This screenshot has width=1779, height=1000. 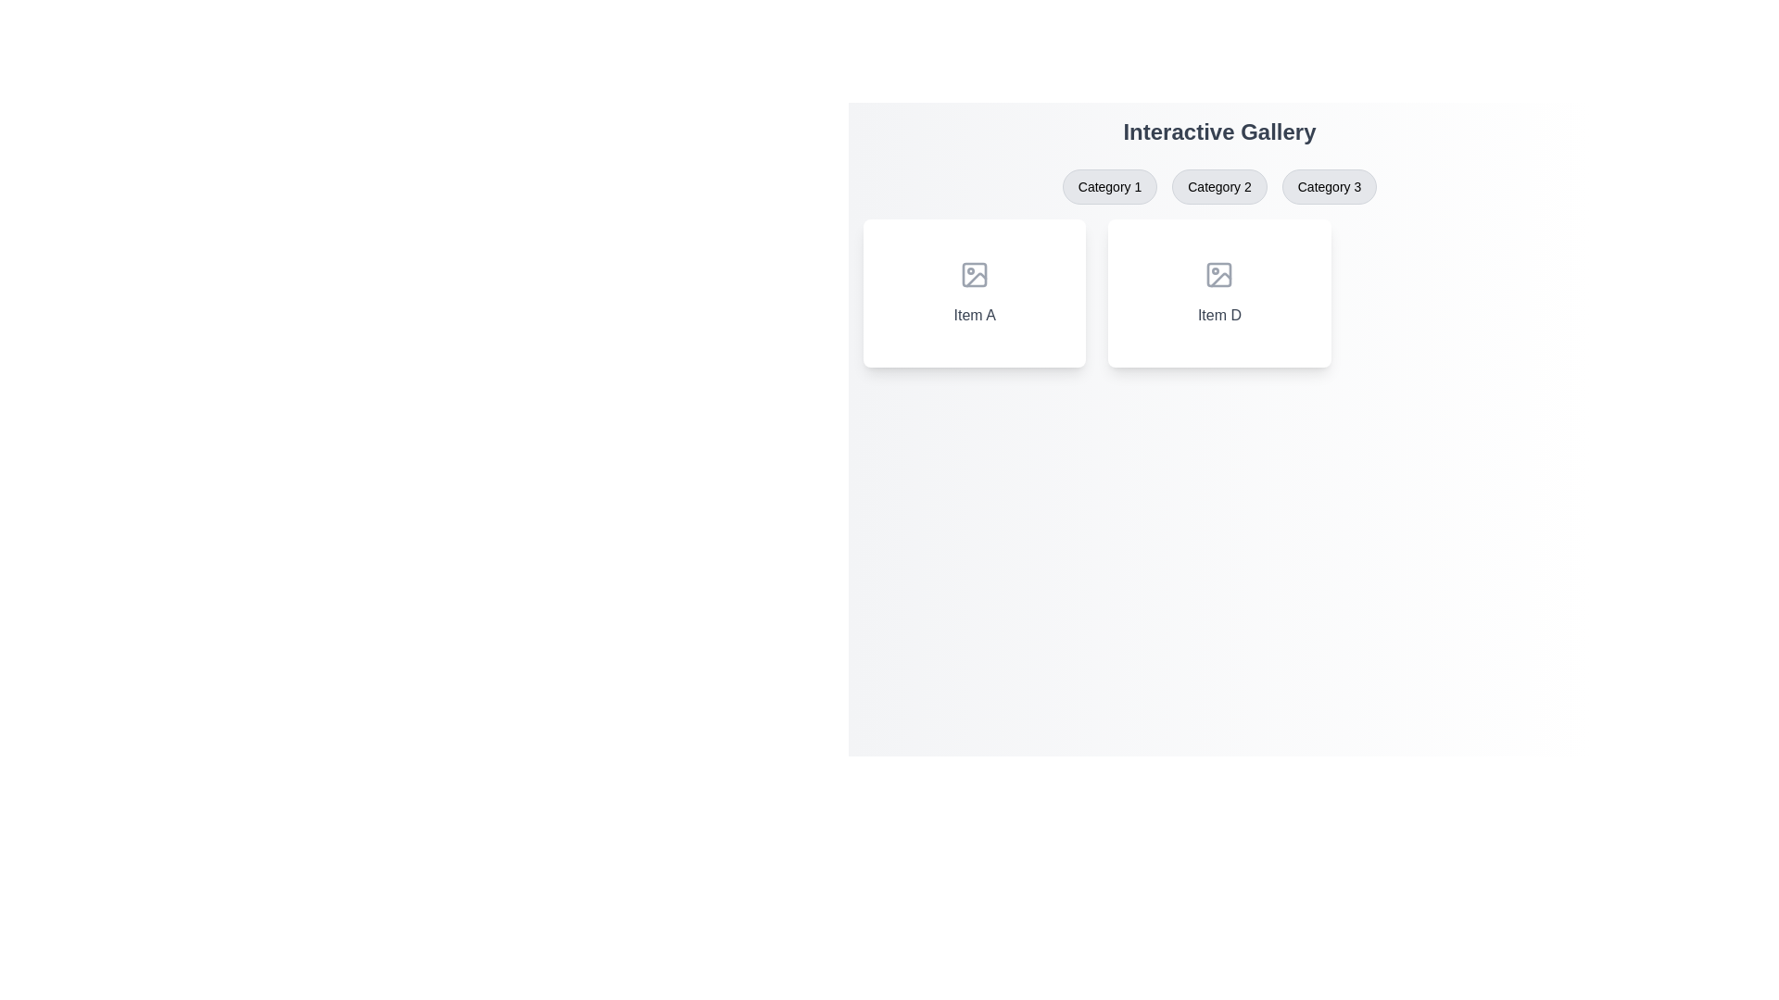 What do you see at coordinates (1219, 292) in the screenshot?
I see `the card labeled 'Item D' in the second column under 'Interactive Gallery'` at bounding box center [1219, 292].